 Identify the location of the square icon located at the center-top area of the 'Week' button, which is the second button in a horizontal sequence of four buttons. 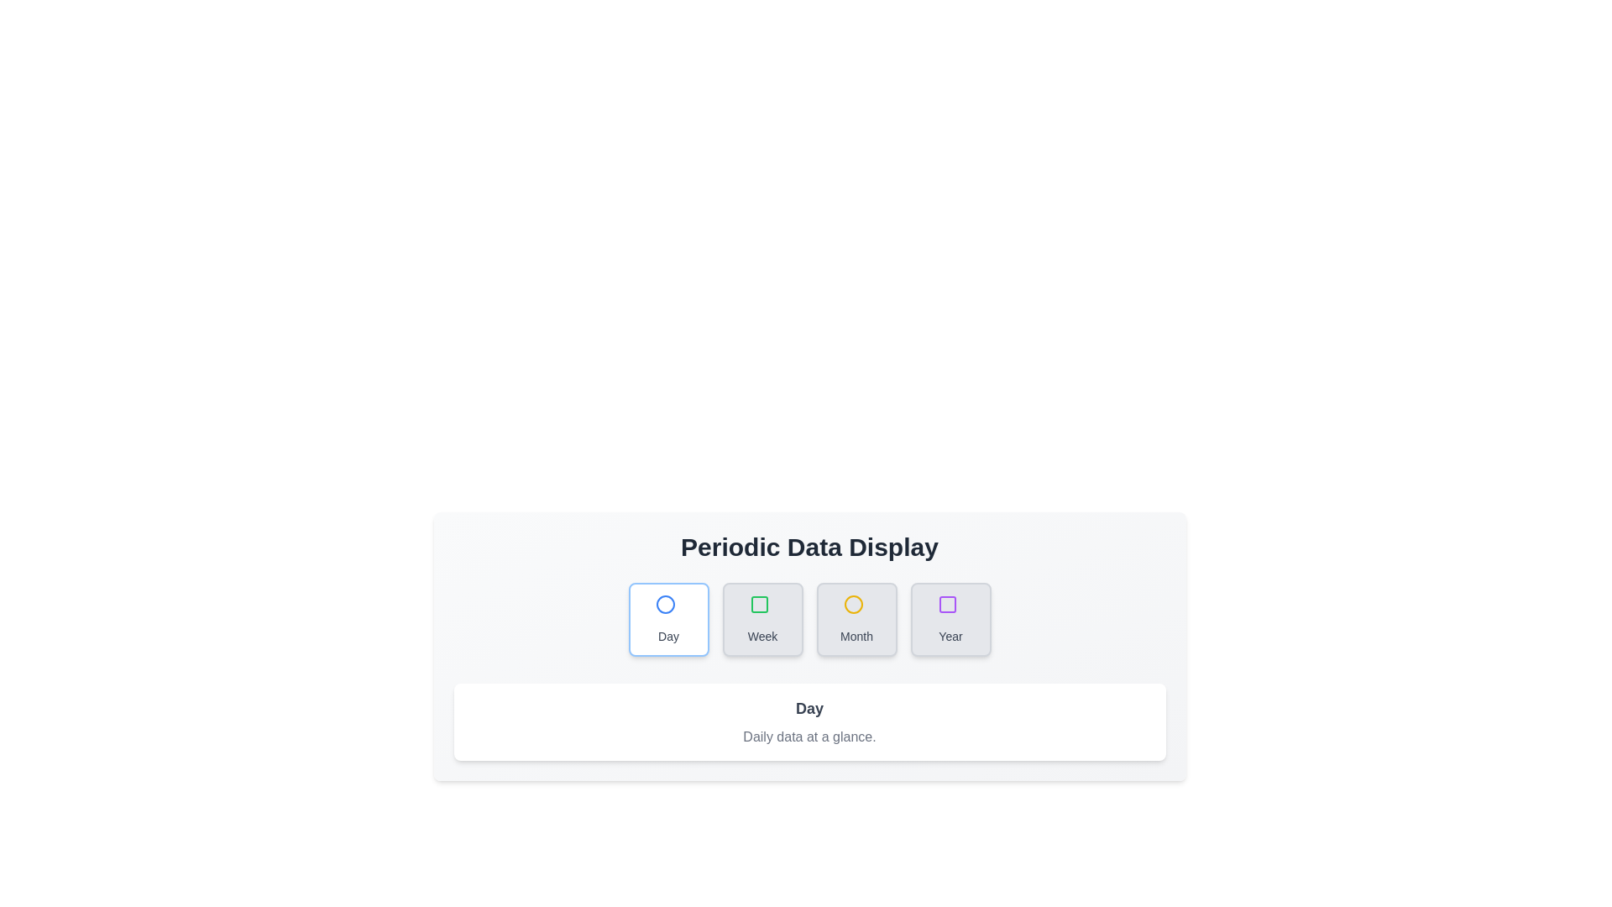
(762, 608).